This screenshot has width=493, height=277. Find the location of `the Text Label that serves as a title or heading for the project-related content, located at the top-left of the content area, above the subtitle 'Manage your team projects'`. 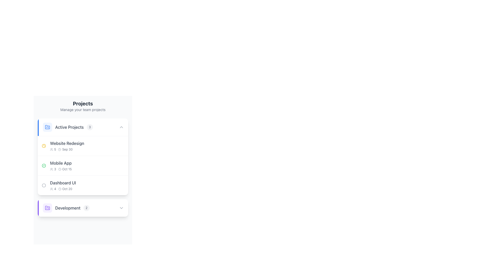

the Text Label that serves as a title or heading for the project-related content, located at the top-left of the content area, above the subtitle 'Manage your team projects' is located at coordinates (83, 104).